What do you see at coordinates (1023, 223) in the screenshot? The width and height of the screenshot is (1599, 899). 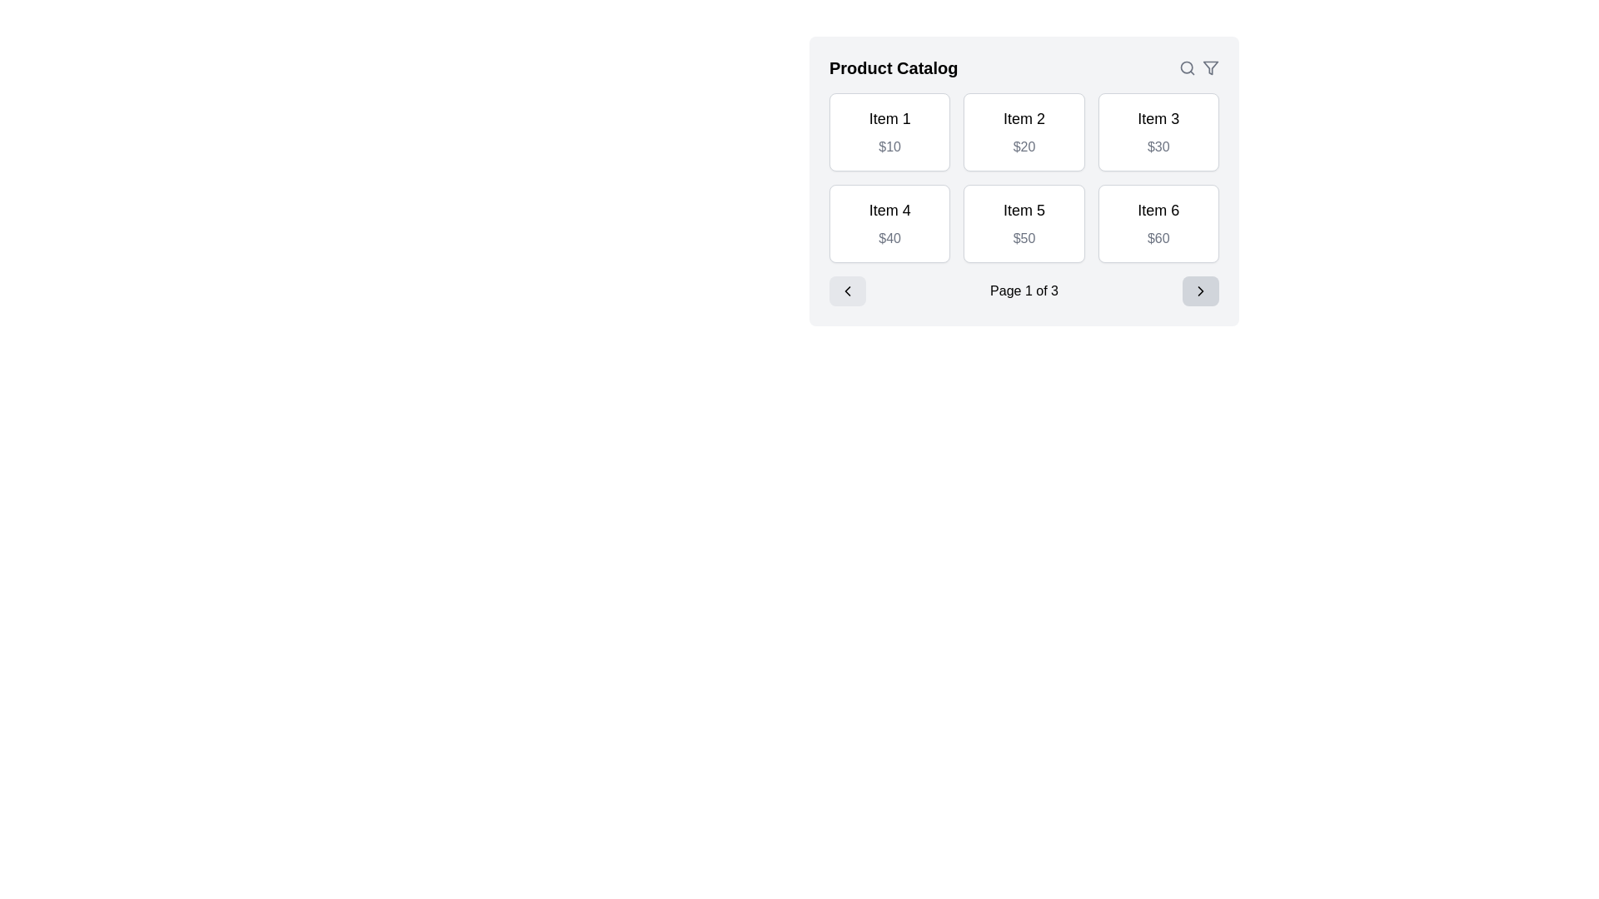 I see `the product display card located in the second row, second column of the grid` at bounding box center [1023, 223].